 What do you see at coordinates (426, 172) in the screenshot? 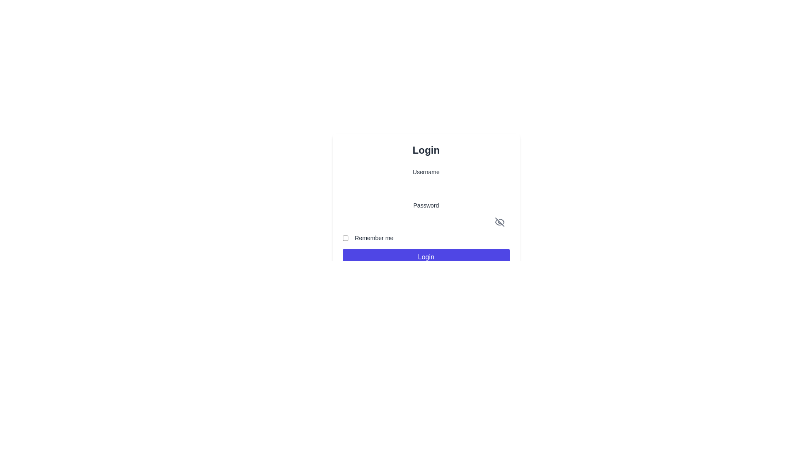
I see `the 'Username' label, which is a smaller font size, medium font weight, sans-serif styled text positioned above the input field for visual coherence` at bounding box center [426, 172].